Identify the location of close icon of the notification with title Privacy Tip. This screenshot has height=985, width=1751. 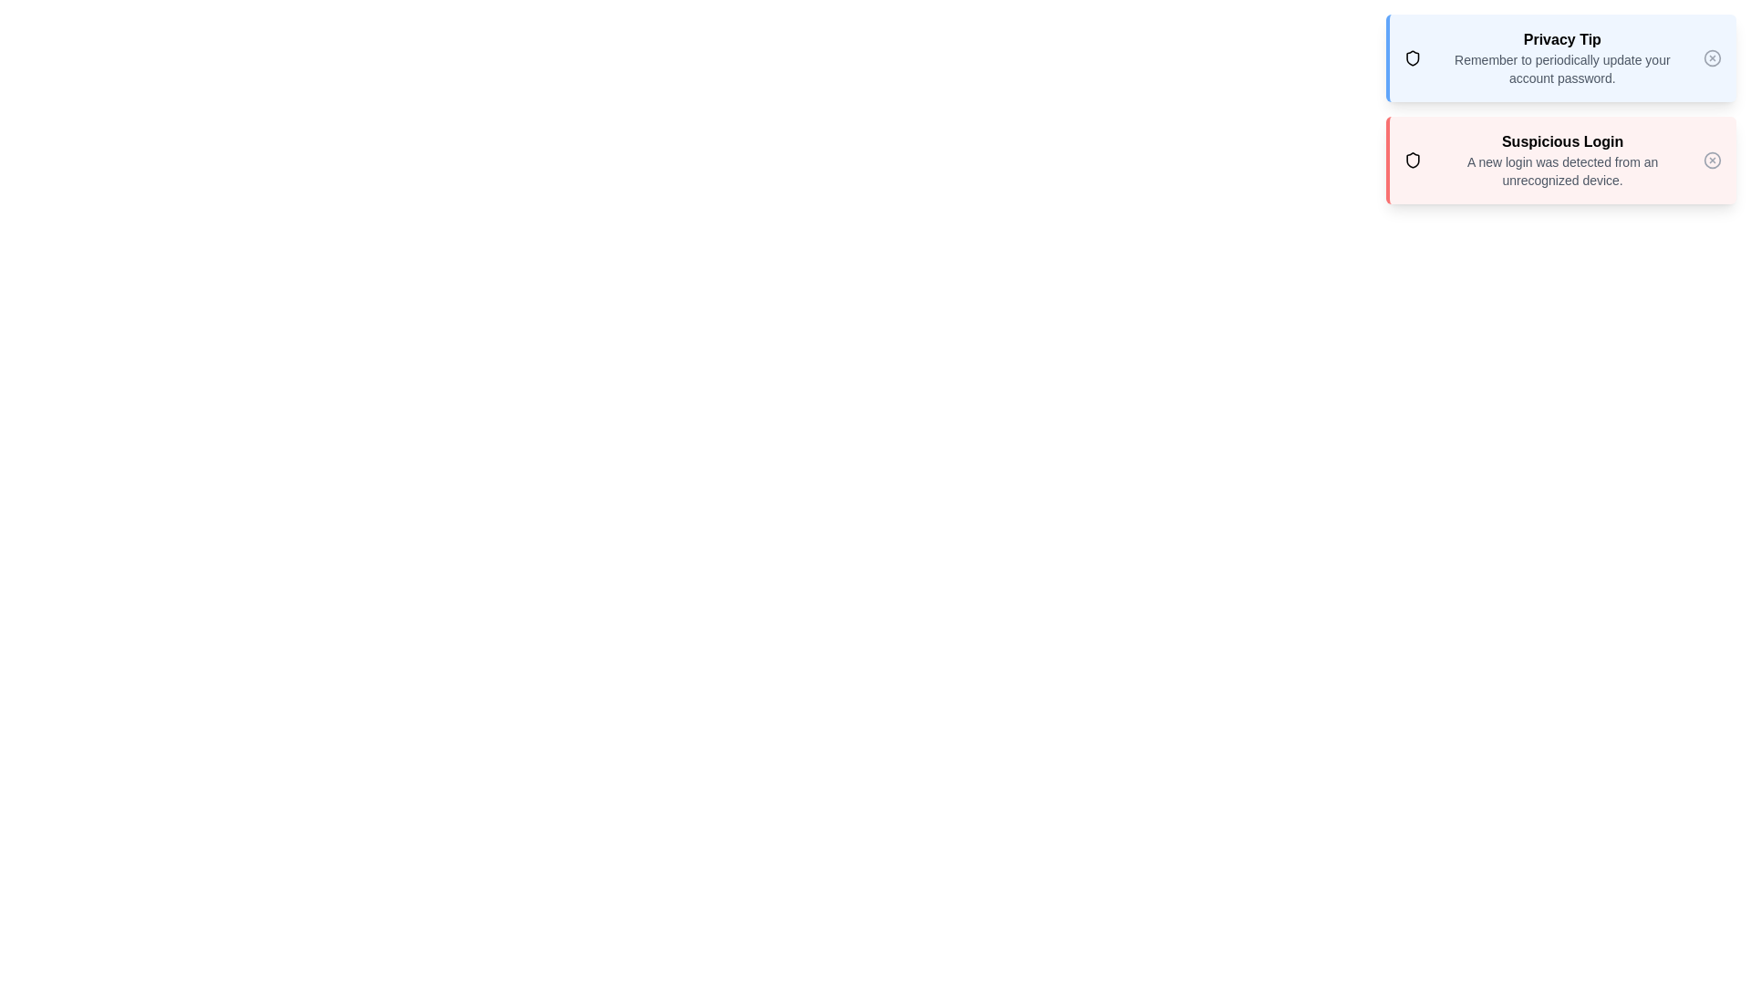
(1711, 57).